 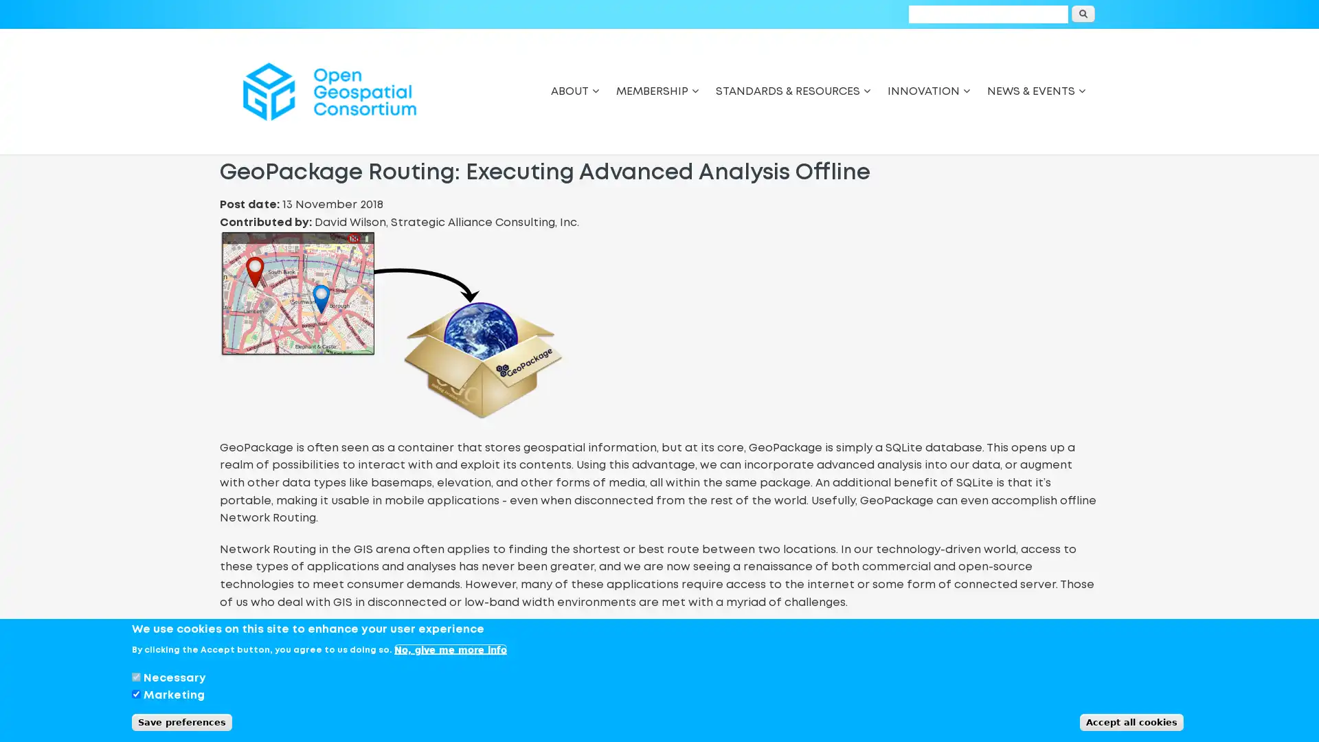 What do you see at coordinates (451, 649) in the screenshot?
I see `No, give me more info` at bounding box center [451, 649].